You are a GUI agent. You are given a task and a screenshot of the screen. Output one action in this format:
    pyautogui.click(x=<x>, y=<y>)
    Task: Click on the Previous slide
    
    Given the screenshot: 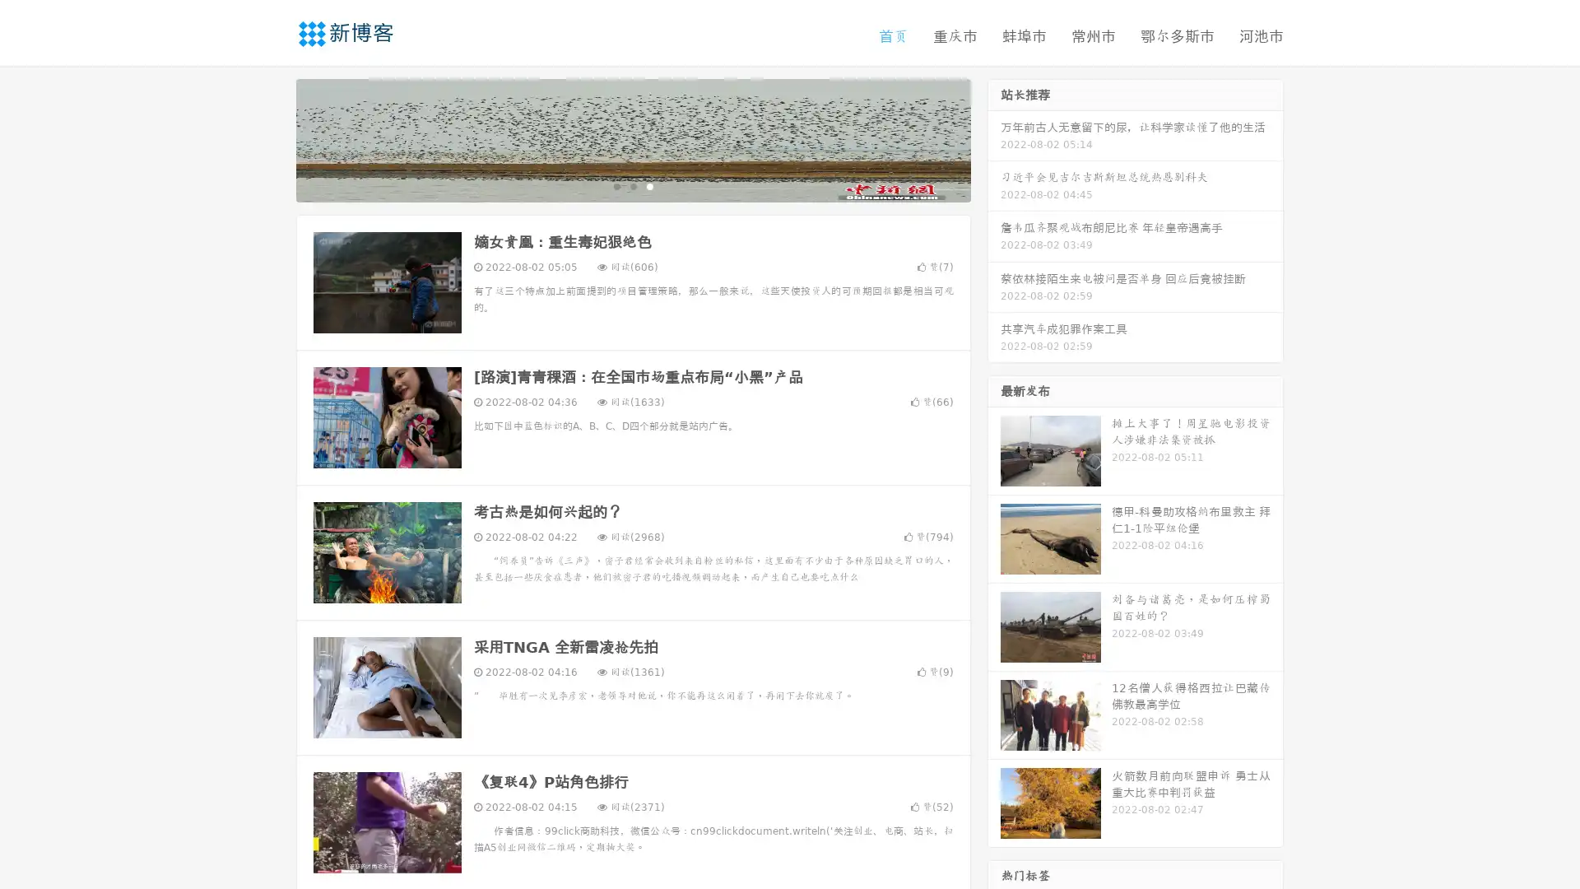 What is the action you would take?
    pyautogui.click(x=272, y=138)
    